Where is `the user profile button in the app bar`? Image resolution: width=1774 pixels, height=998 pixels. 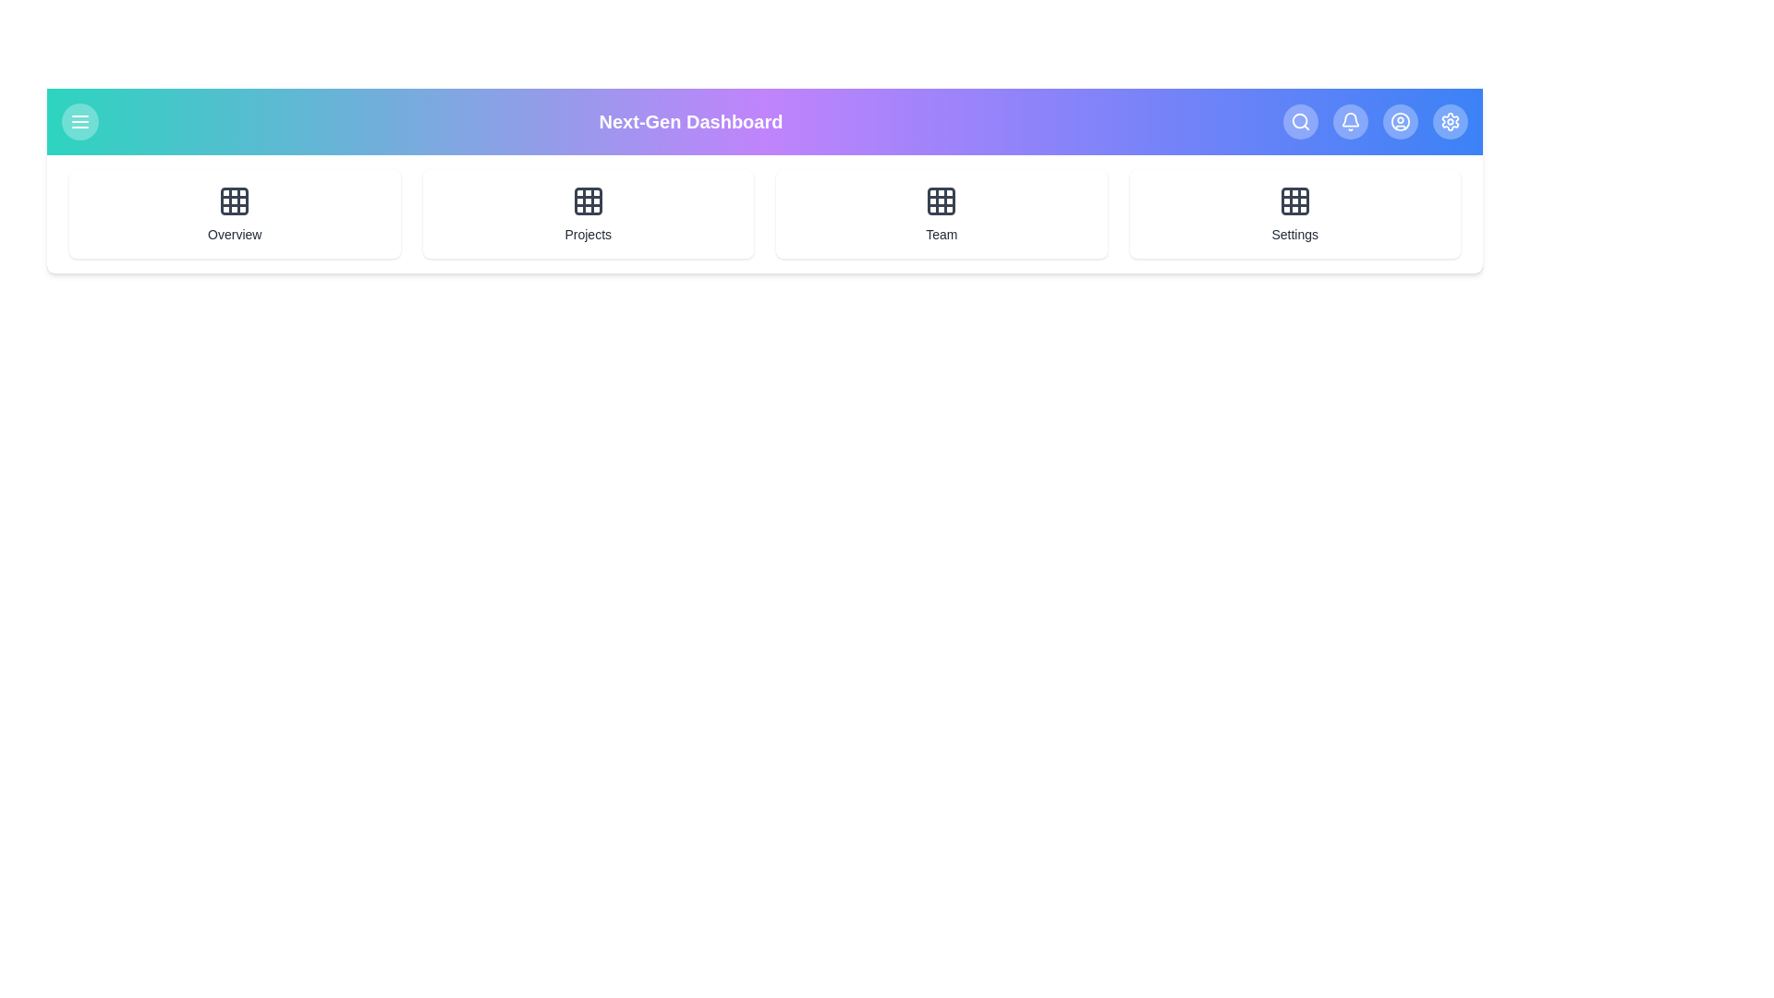 the user profile button in the app bar is located at coordinates (1401, 121).